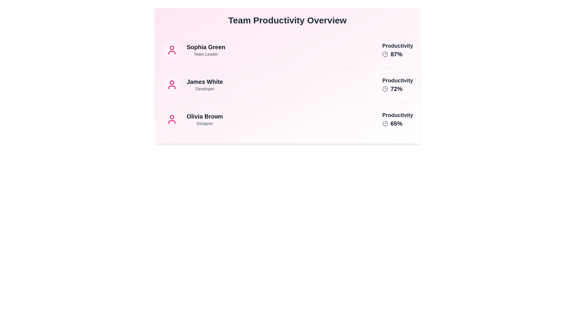 The height and width of the screenshot is (320, 569). I want to click on the information displayed in the 'Productivity' text label with the accompanying pie-chart icon, which shows '72%' in bold font, so click(397, 84).